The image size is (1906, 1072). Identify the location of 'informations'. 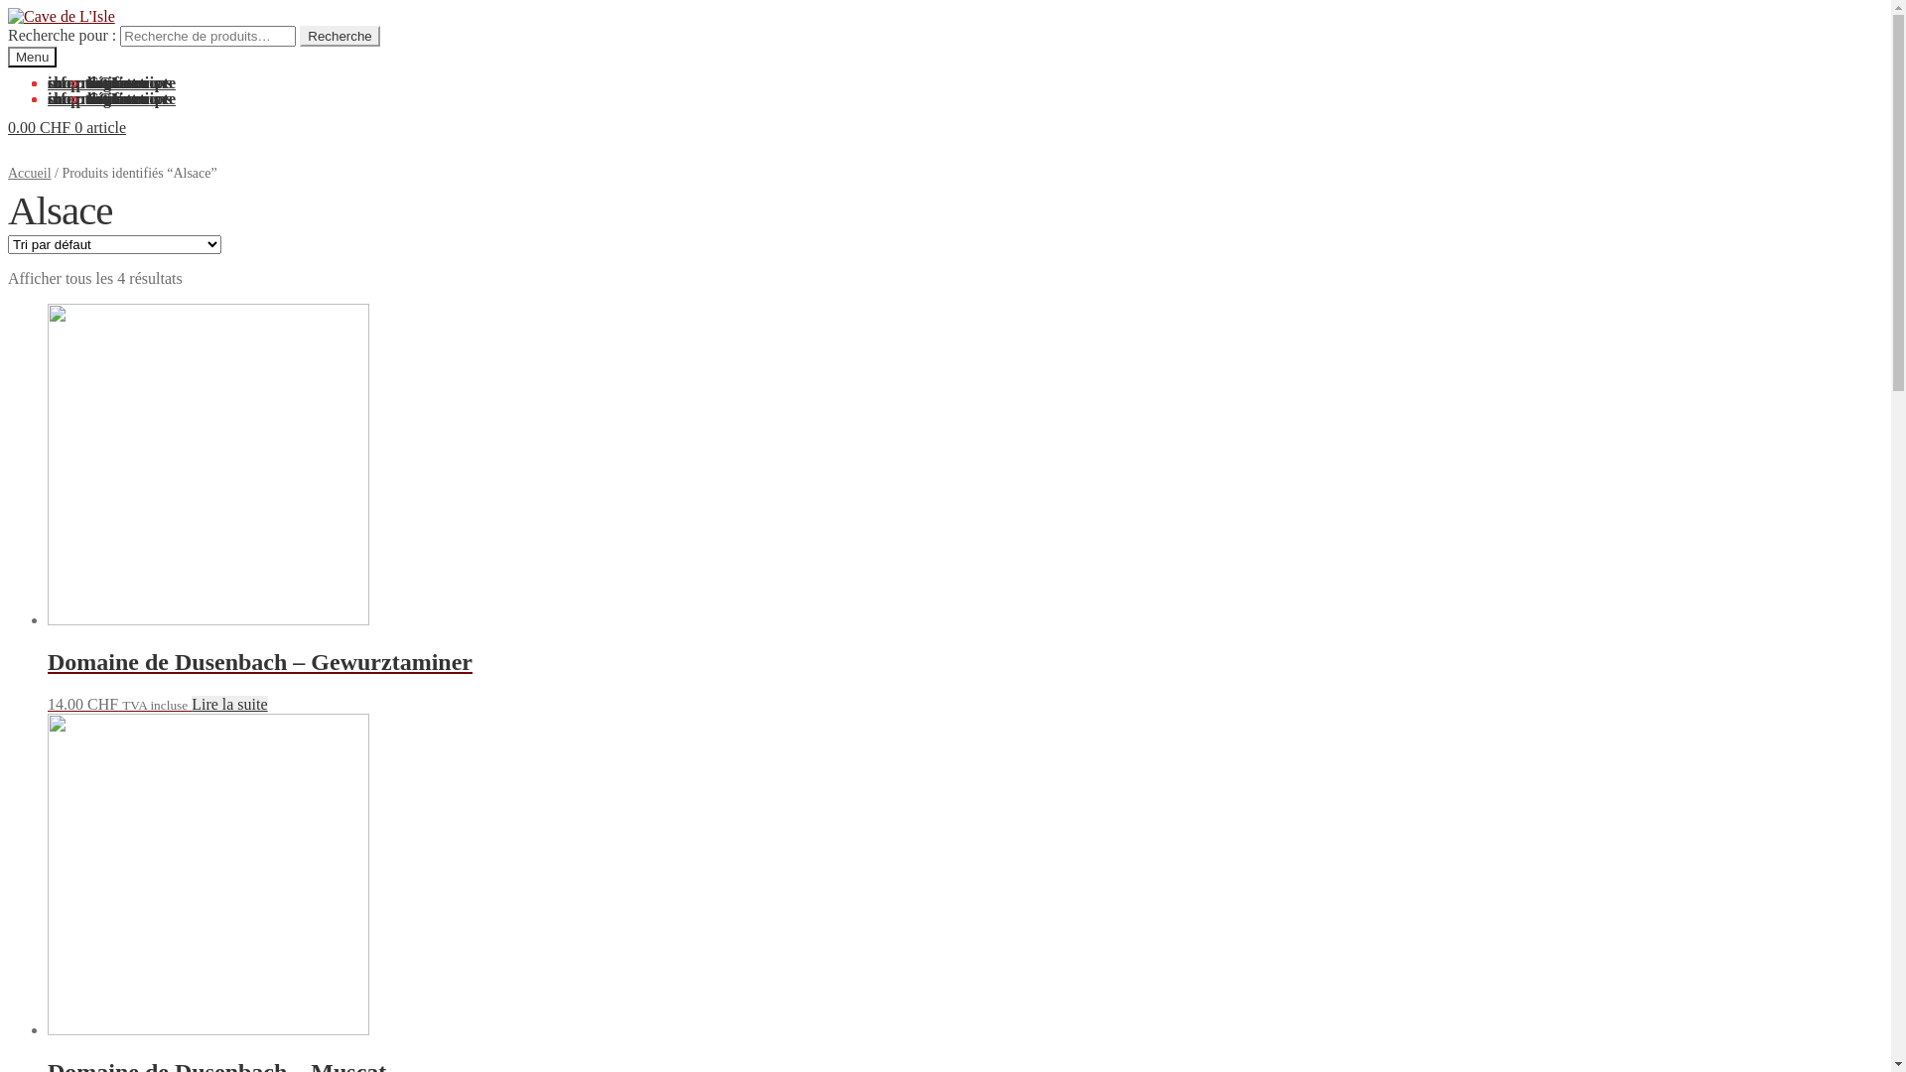
(89, 81).